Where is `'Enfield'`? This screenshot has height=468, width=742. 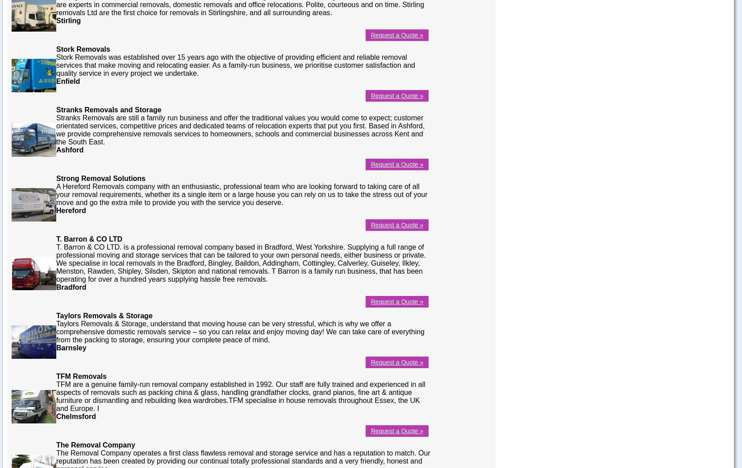
'Enfield' is located at coordinates (68, 81).